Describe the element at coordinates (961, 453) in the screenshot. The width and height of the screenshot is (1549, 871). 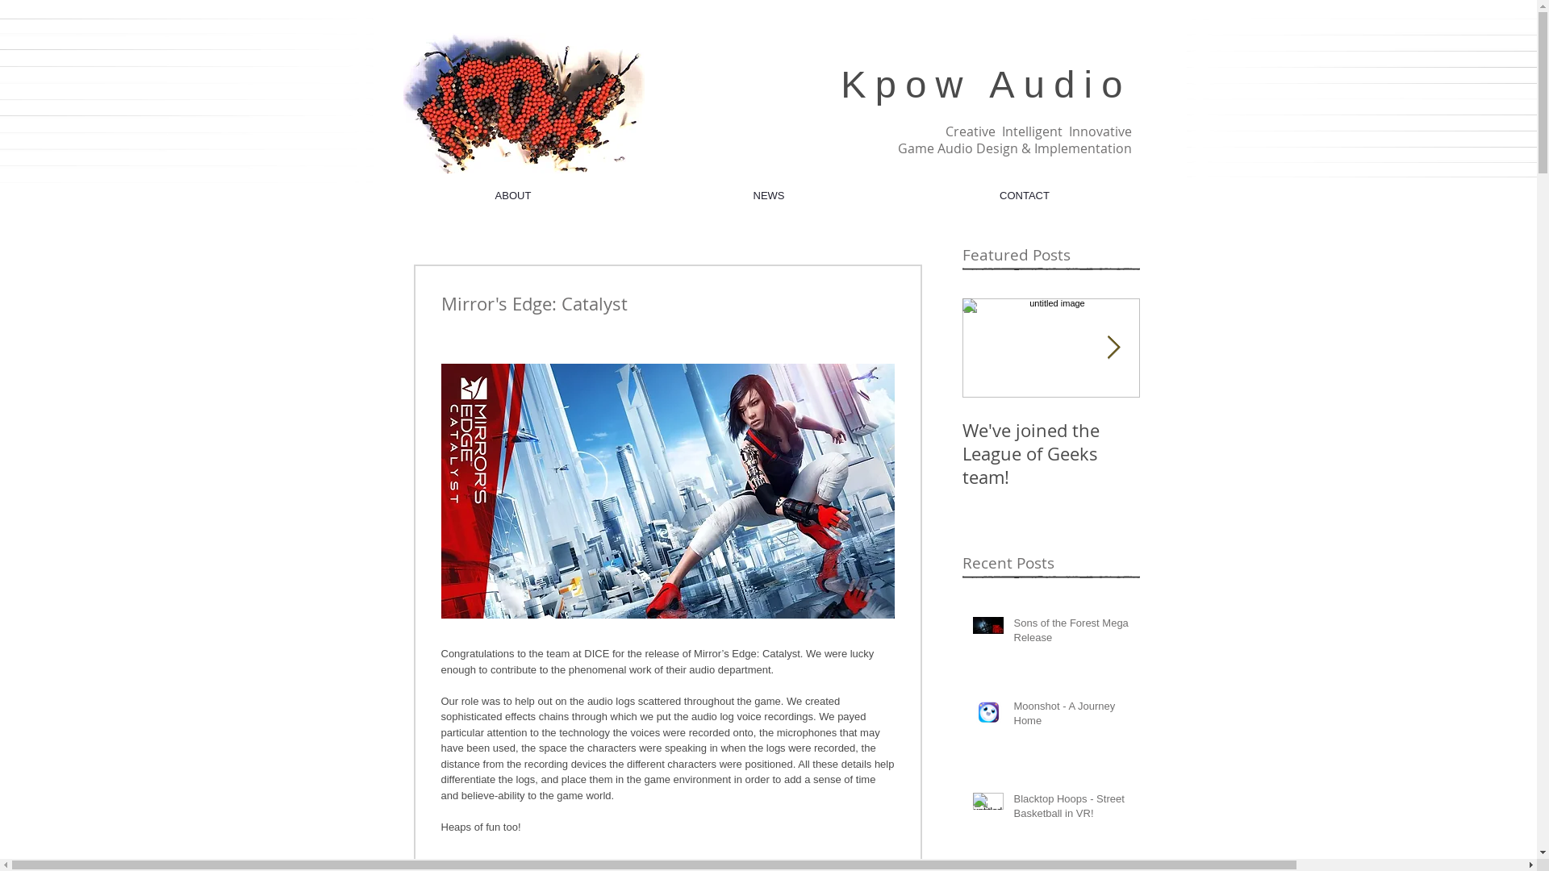
I see `'We've joined the League of Geeks team!'` at that location.